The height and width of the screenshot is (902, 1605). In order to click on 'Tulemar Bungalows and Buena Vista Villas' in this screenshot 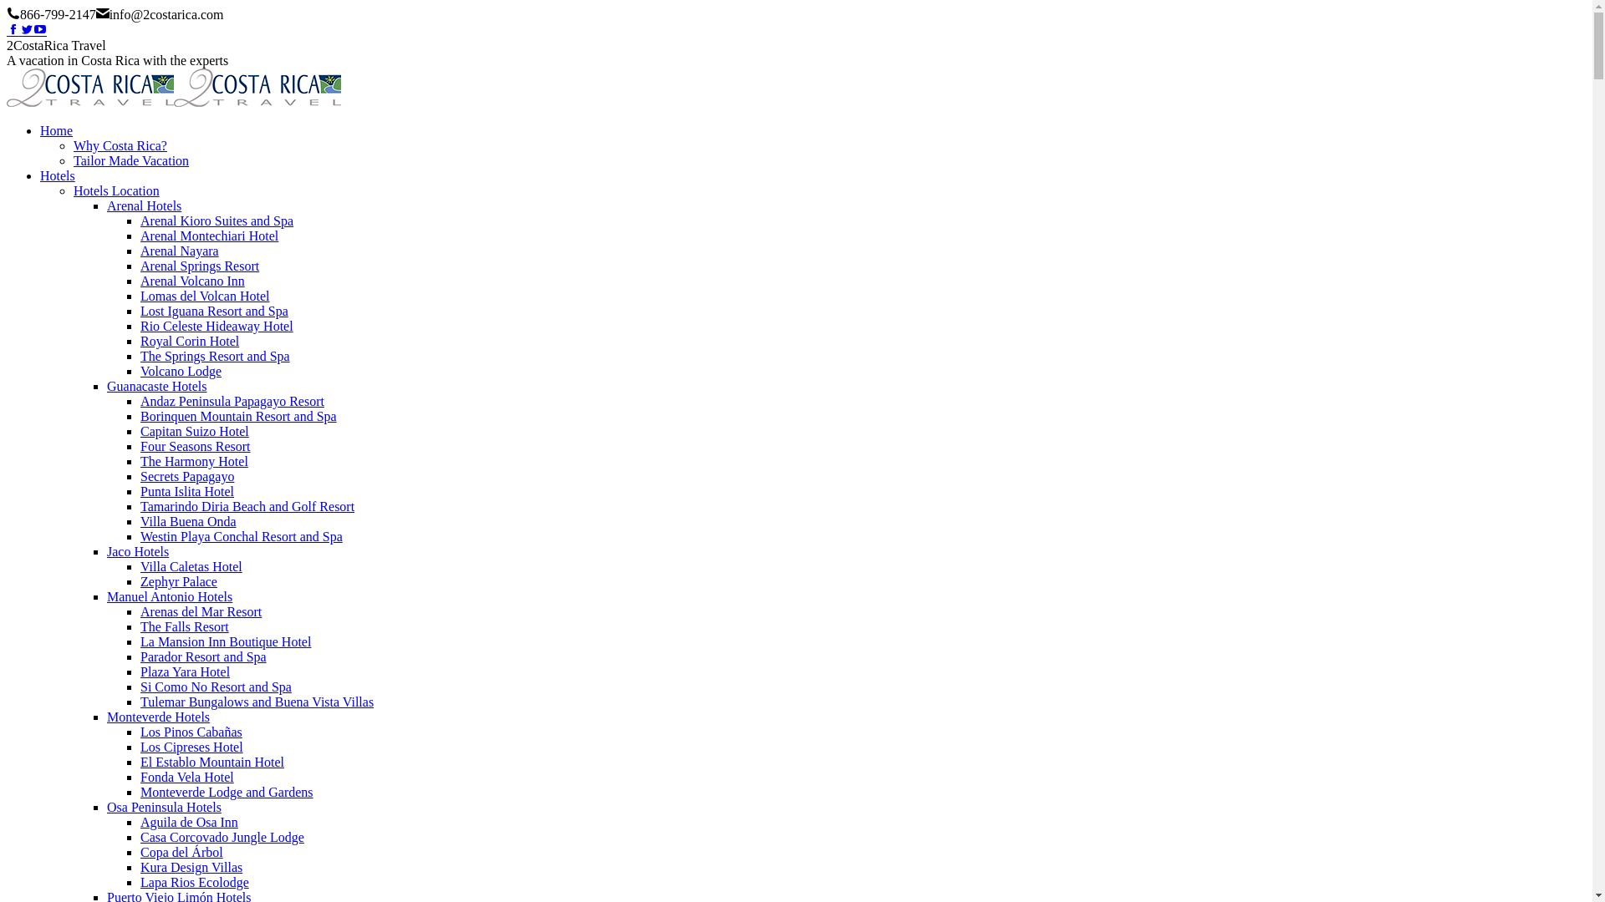, I will do `click(140, 702)`.